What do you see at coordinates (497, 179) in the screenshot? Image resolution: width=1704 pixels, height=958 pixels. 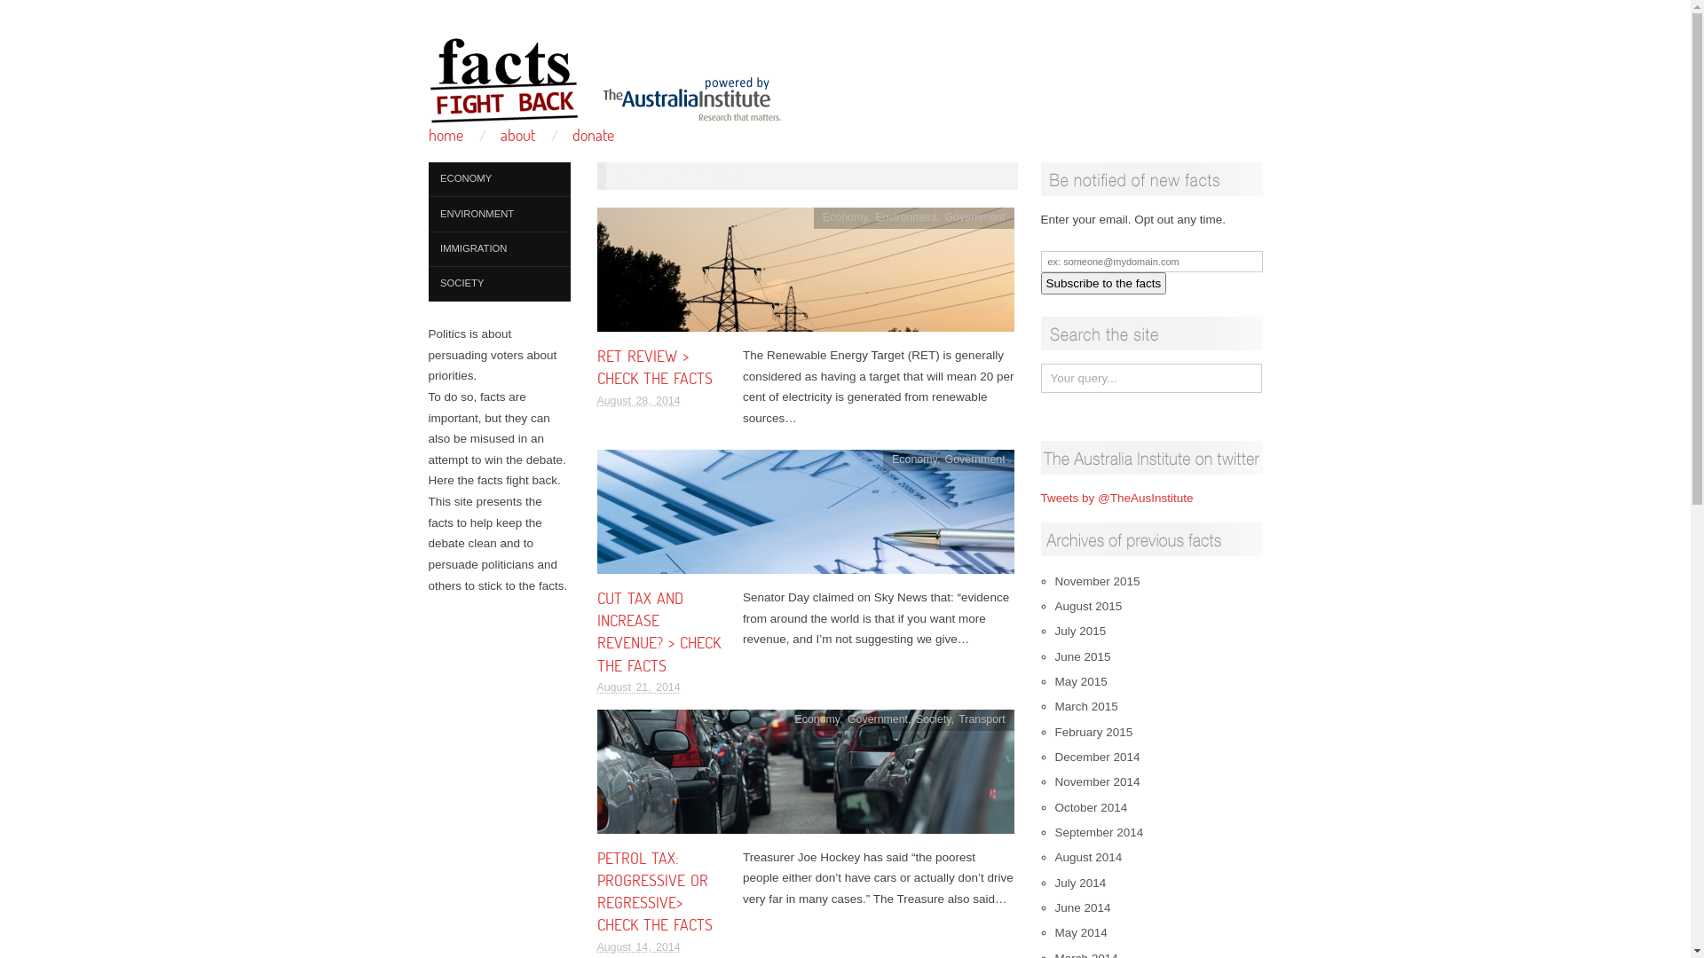 I see `'ECONOMY'` at bounding box center [497, 179].